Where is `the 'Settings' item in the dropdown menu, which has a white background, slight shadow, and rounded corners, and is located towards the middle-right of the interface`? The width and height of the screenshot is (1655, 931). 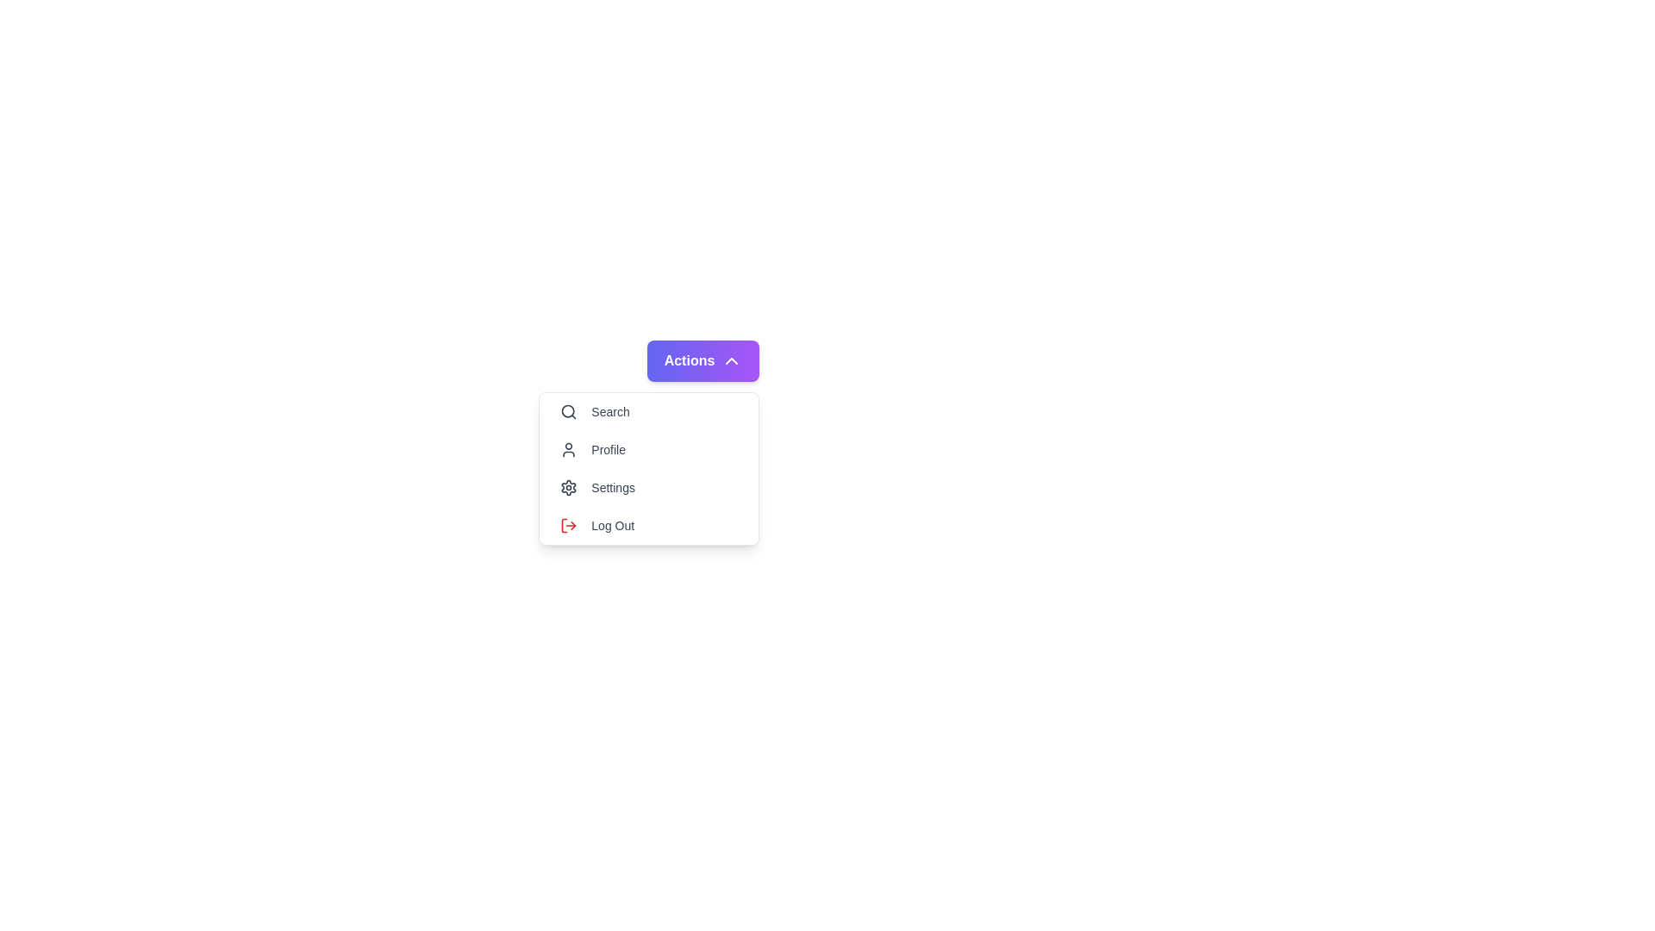 the 'Settings' item in the dropdown menu, which has a white background, slight shadow, and rounded corners, and is located towards the middle-right of the interface is located at coordinates (648, 468).